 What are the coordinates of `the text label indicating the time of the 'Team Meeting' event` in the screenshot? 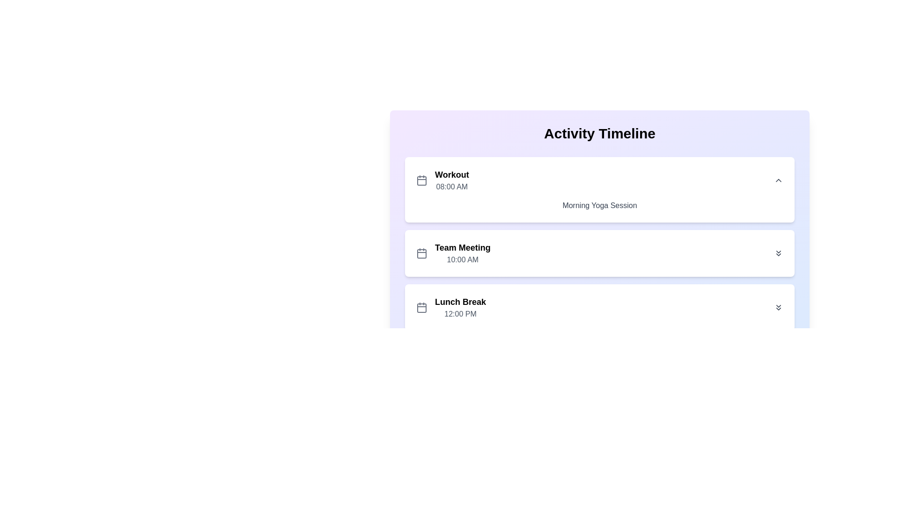 It's located at (463, 260).